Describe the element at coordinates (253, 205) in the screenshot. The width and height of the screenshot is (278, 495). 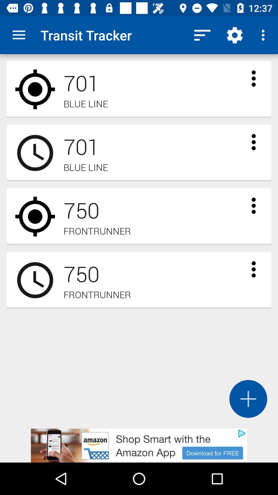
I see `open drop down menu` at that location.